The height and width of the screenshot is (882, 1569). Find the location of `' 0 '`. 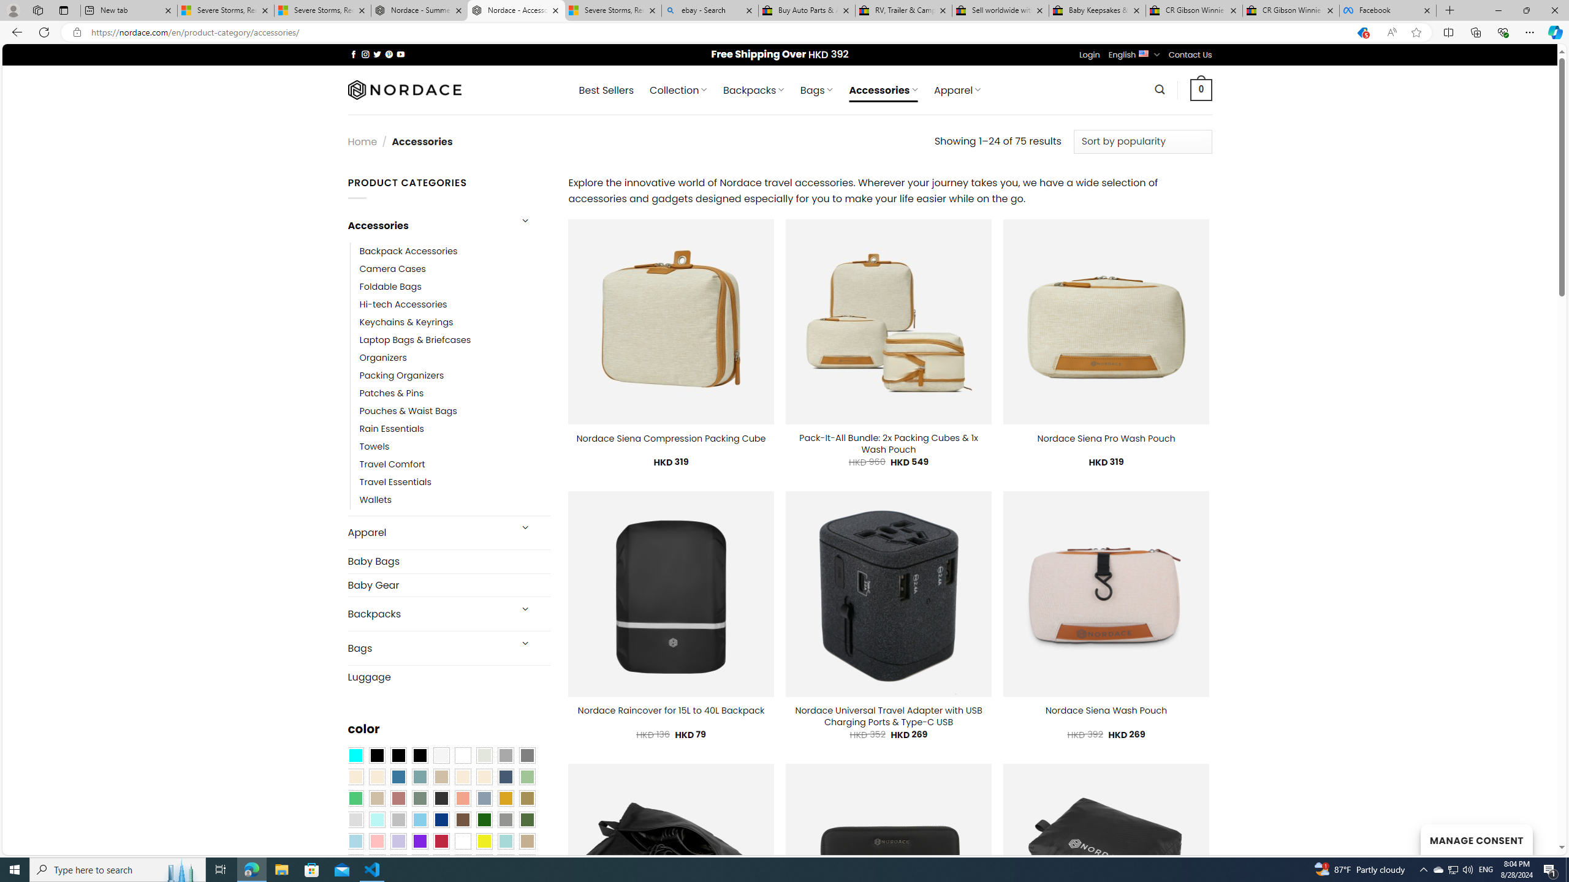

' 0 ' is located at coordinates (1201, 89).